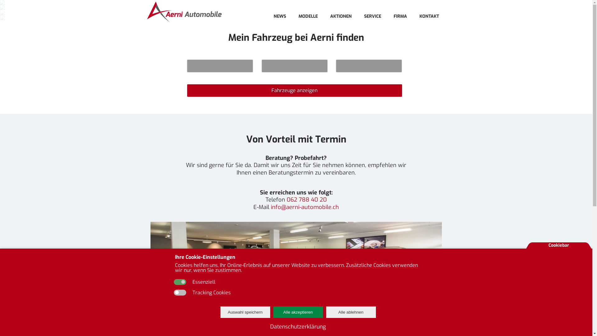 The width and height of the screenshot is (597, 336). Describe the element at coordinates (340, 16) in the screenshot. I see `'AKTIONEN'` at that location.